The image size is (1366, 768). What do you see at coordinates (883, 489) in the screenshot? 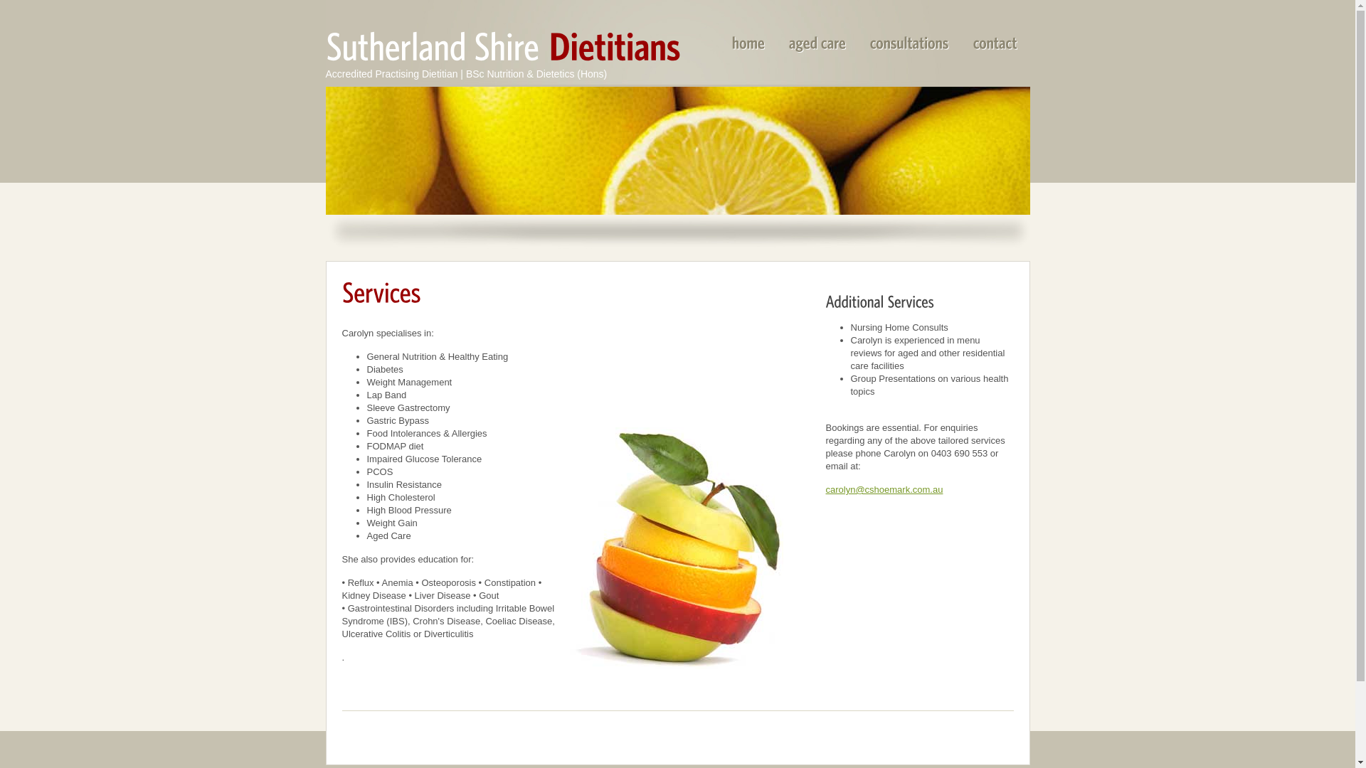
I see `'carolyn@cshoemark.com.au'` at bounding box center [883, 489].